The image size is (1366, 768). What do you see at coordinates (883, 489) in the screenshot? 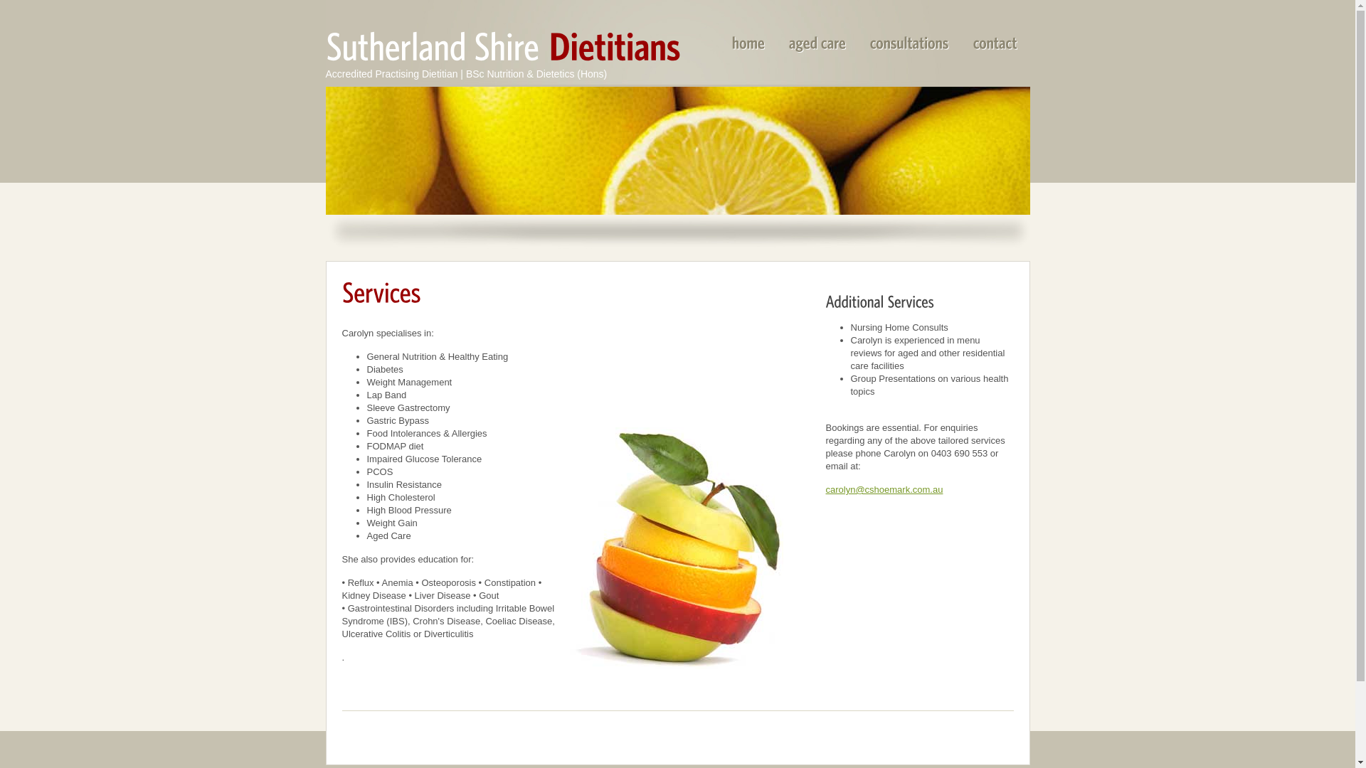
I see `'carolyn@cshoemark.com.au'` at bounding box center [883, 489].